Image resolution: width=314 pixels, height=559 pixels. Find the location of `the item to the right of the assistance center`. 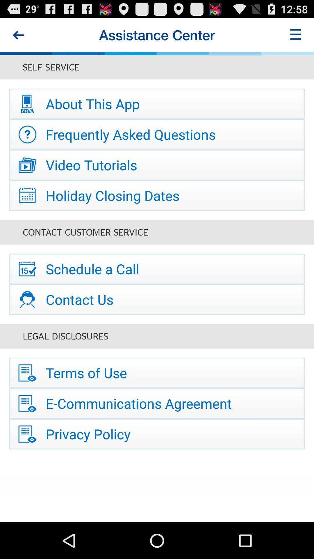

the item to the right of the assistance center is located at coordinates (296, 35).